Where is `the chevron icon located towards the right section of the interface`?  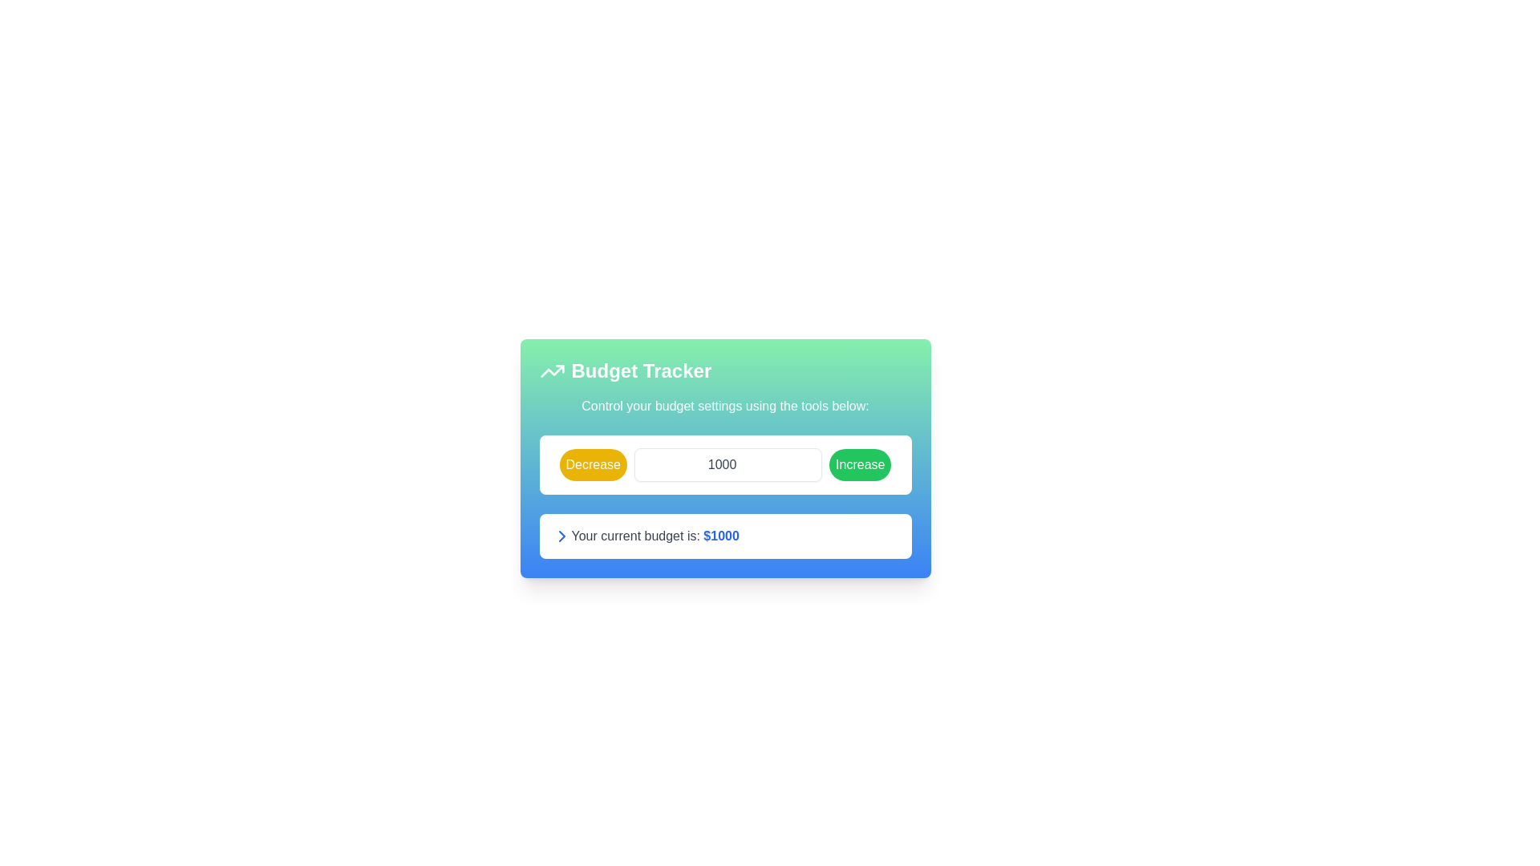
the chevron icon located towards the right section of the interface is located at coordinates (561, 536).